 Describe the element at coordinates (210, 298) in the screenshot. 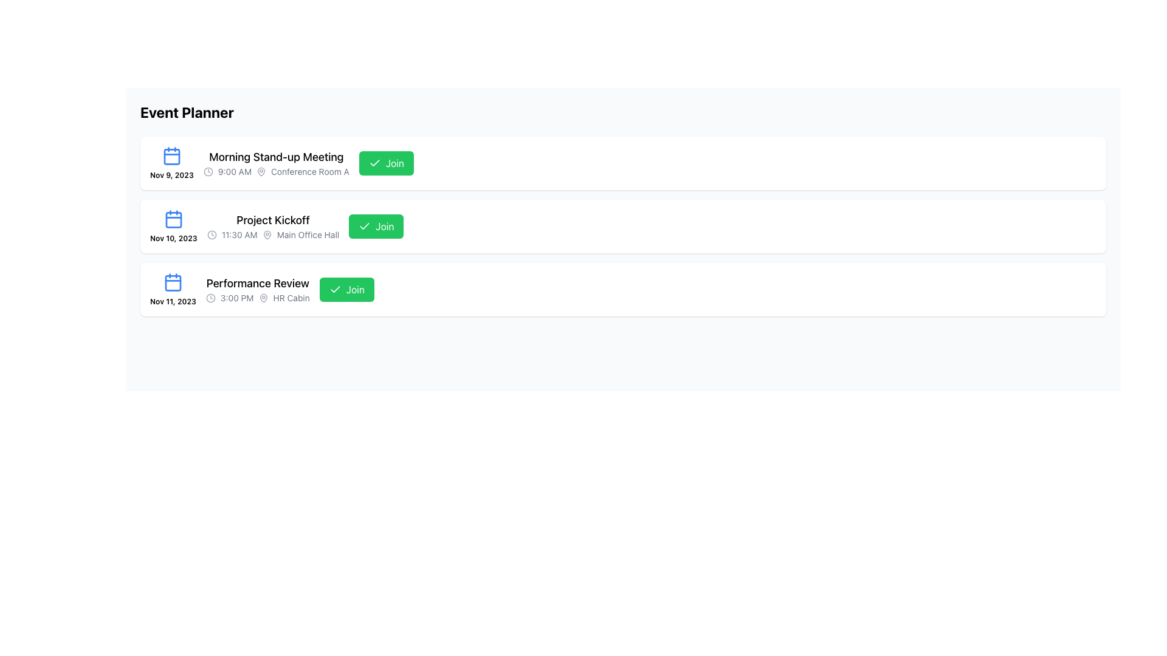

I see `the icon indicating the time of the event located in the third row of the 'Event Planner' section, adjacent to the text '3:00 PM'` at that location.